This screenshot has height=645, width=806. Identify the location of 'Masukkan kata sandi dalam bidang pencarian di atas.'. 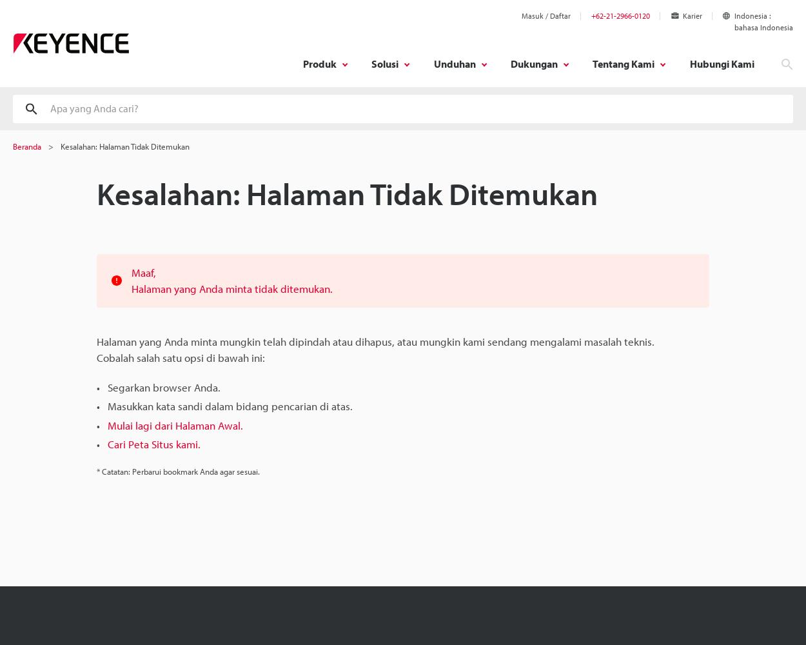
(230, 406).